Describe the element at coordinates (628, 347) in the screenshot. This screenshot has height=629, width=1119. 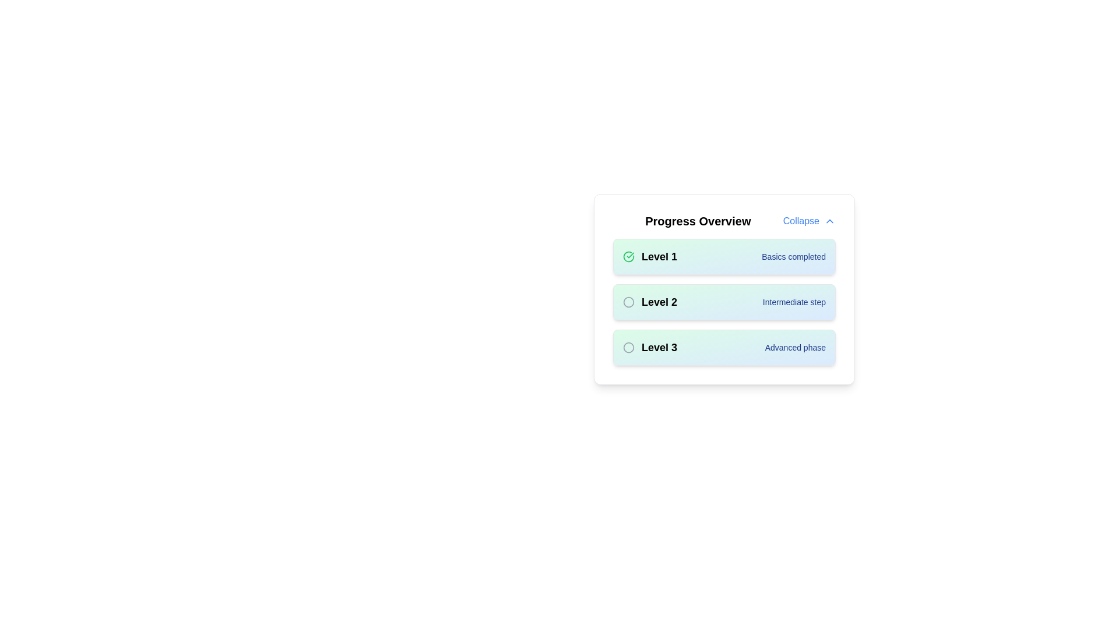
I see `the third circular SVG icon in the 'Progress Overview' panel, which represents the status for 'Level 3'` at that location.